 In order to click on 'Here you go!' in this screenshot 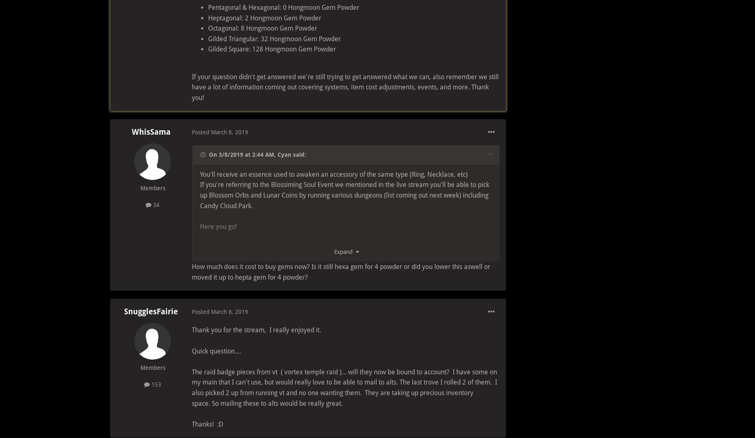, I will do `click(219, 226)`.